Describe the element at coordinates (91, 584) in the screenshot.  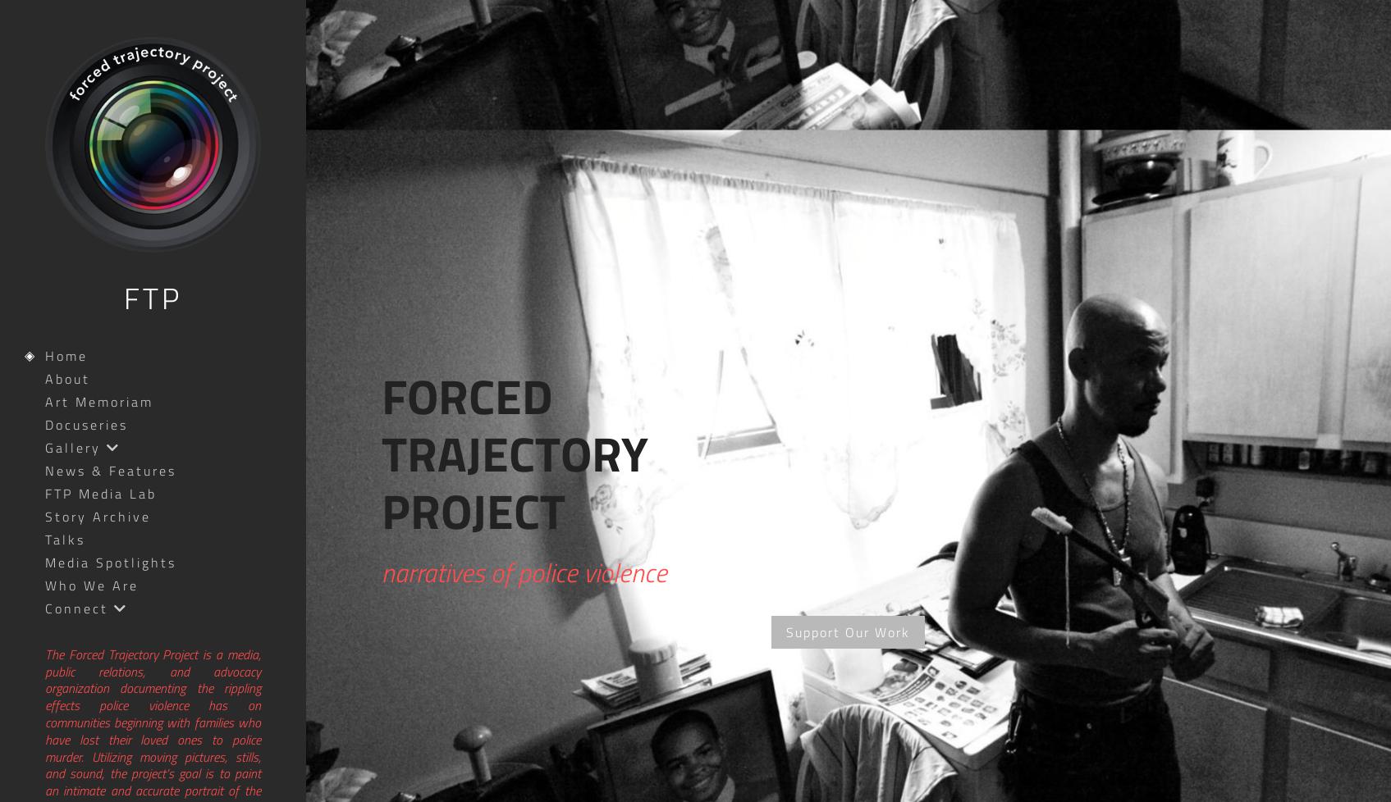
I see `'Who We Are'` at that location.